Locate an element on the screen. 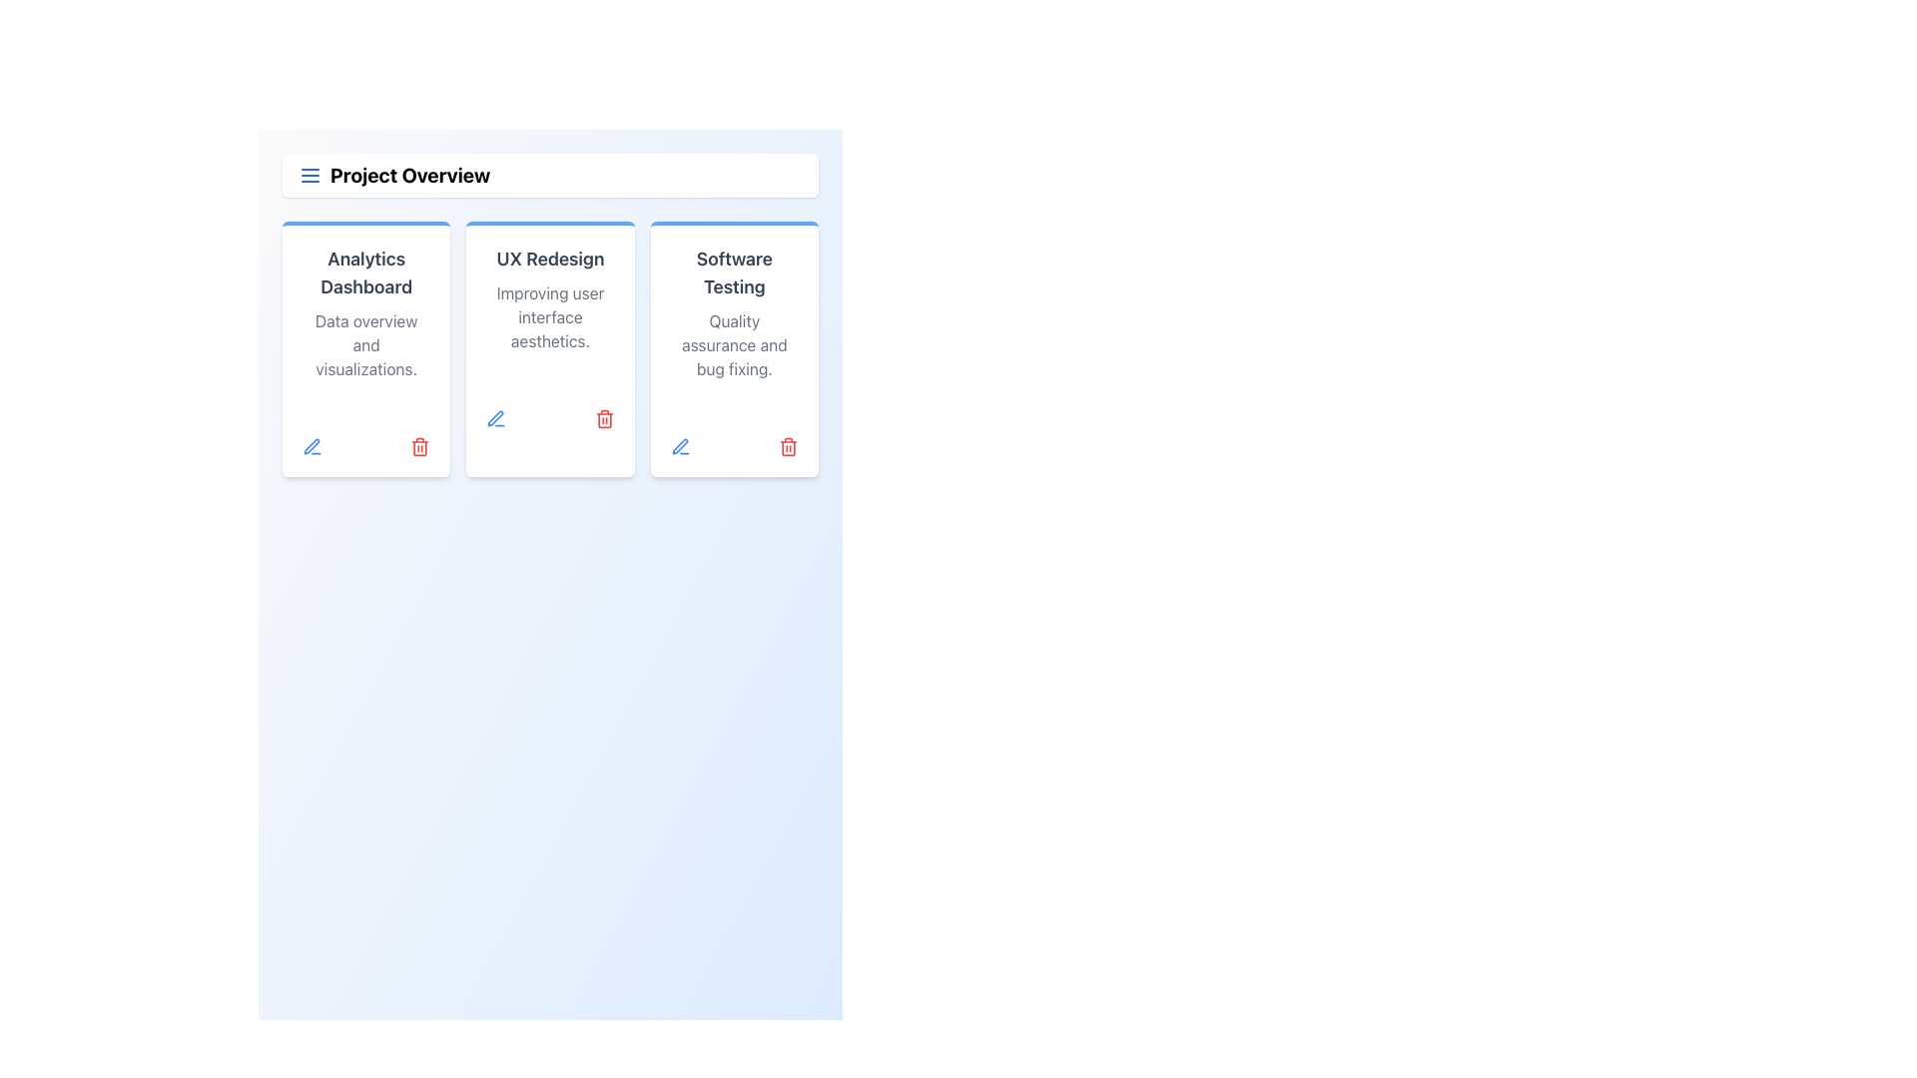  the descriptive text label located in the middle of the 'UX Redesign' card, which provides information about the redesign effort is located at coordinates (550, 315).